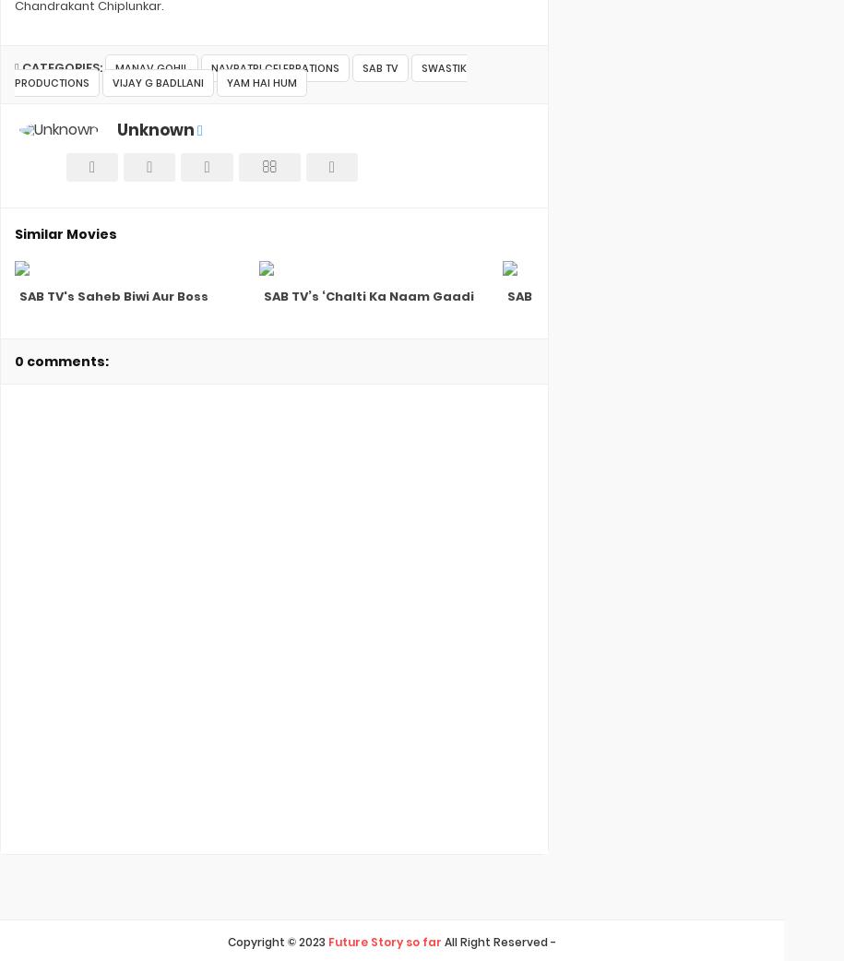  Describe the element at coordinates (385, 942) in the screenshot. I see `'Future Story so far'` at that location.